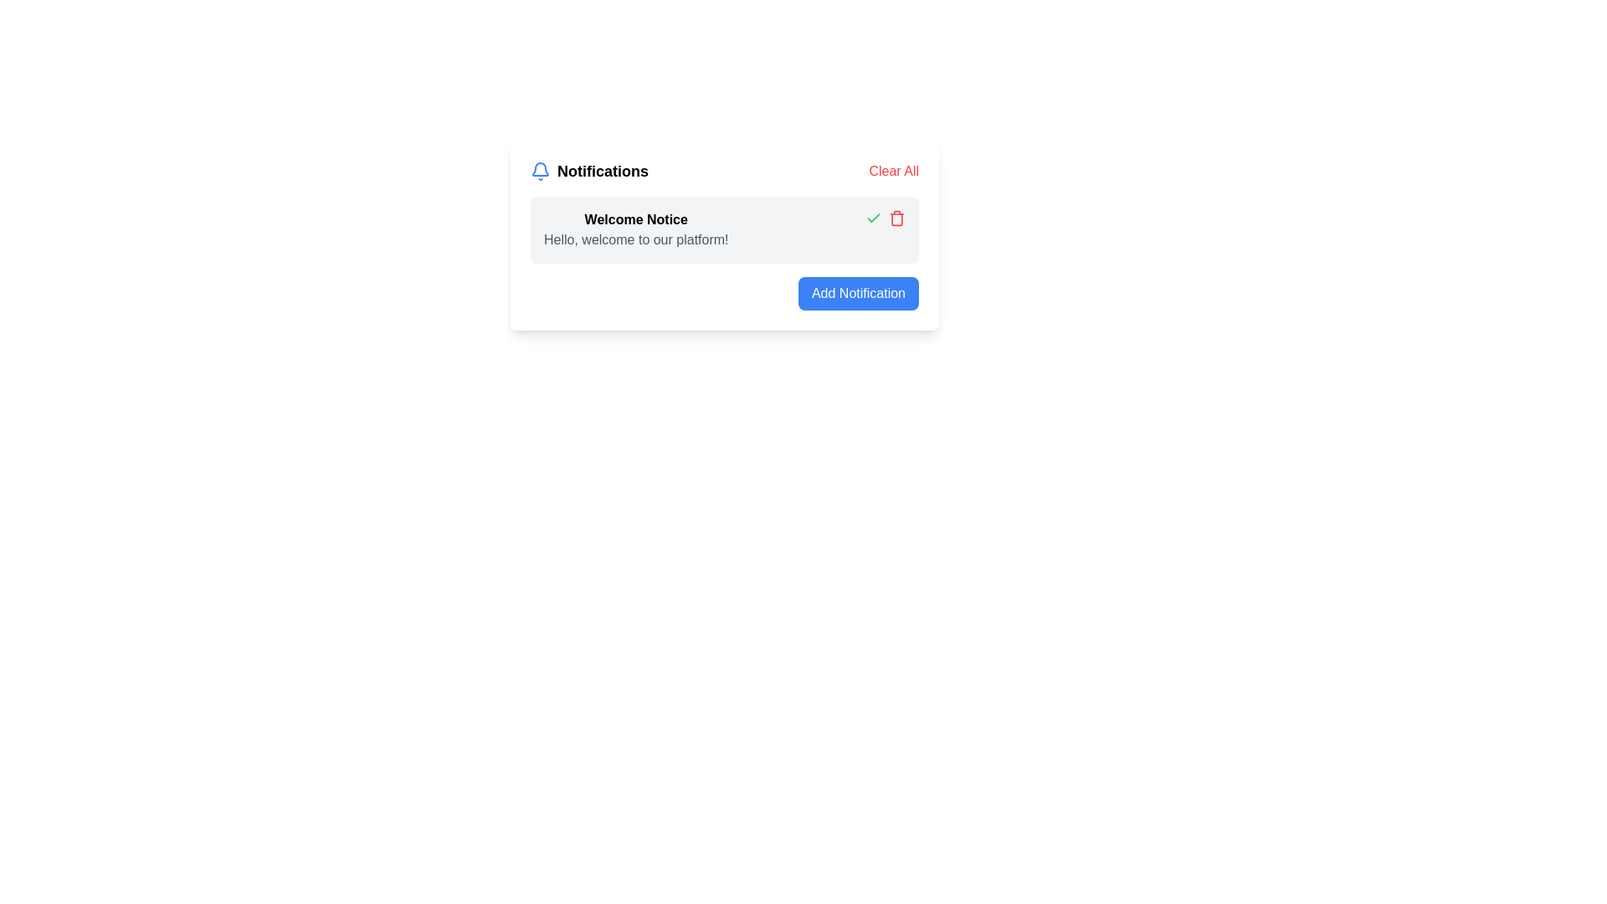  What do you see at coordinates (872, 216) in the screenshot?
I see `the SVG icon that marks the notification as read or confirmed, located beside the red trash bin icon in the notification card for 'Welcome Notice'` at bounding box center [872, 216].